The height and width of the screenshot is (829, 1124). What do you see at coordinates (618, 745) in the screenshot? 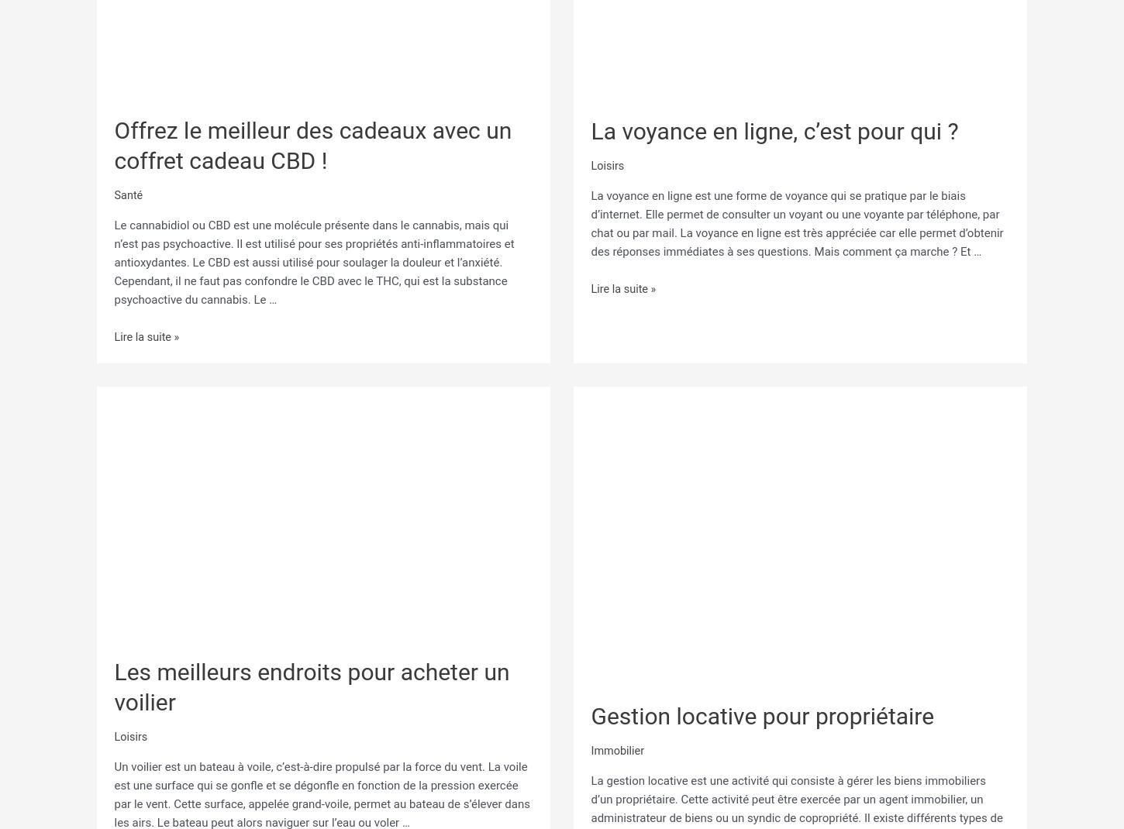
I see `'Immobilier'` at bounding box center [618, 745].